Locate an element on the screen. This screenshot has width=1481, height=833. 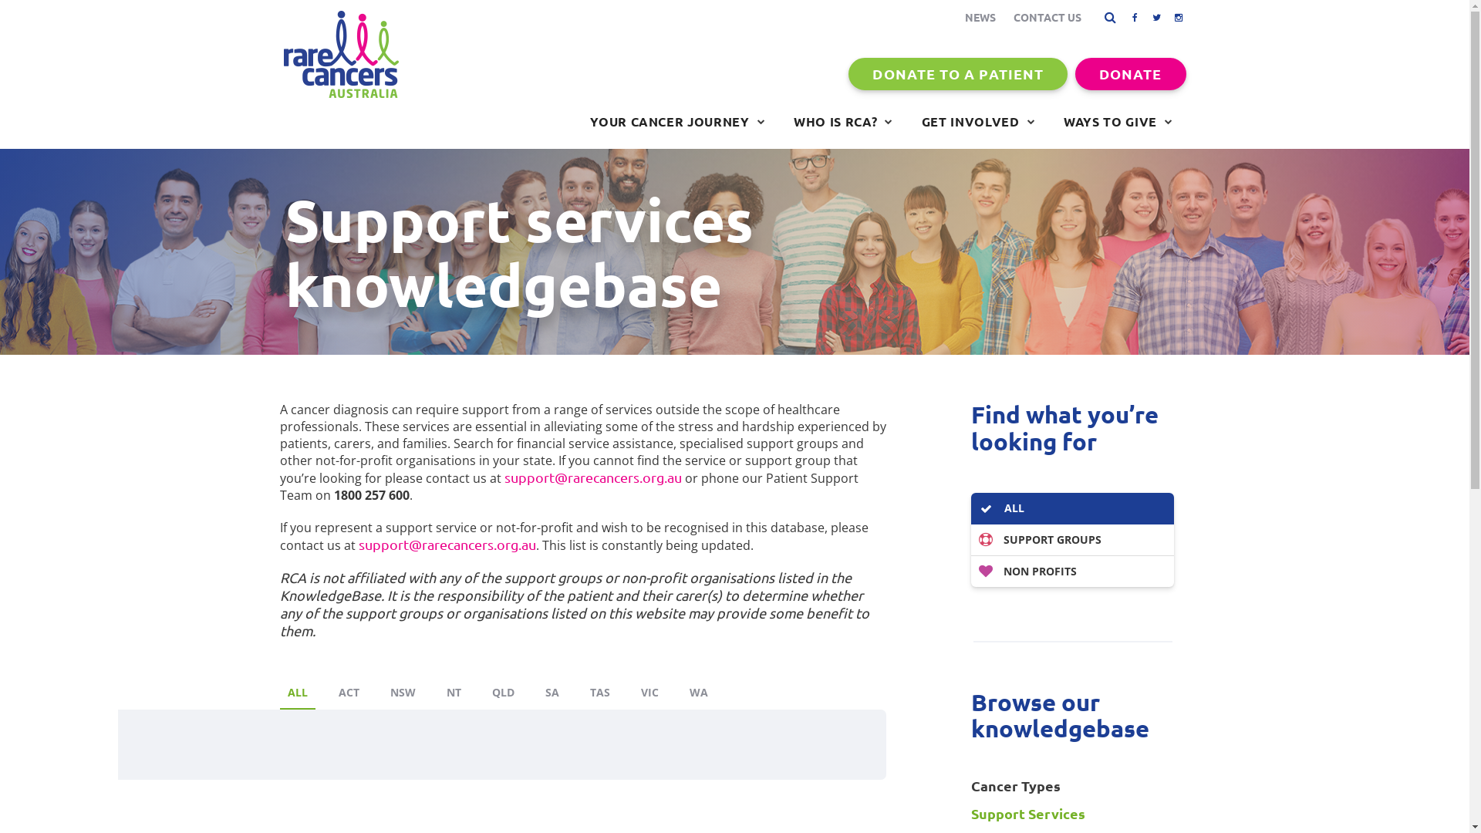
'VIC' is located at coordinates (649, 693).